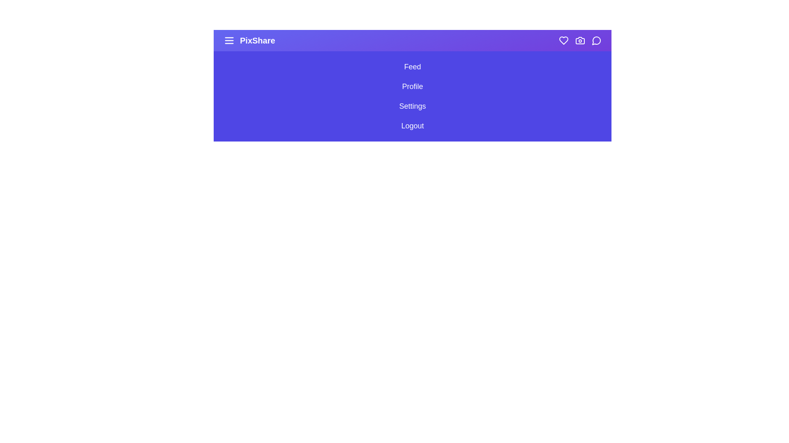 The width and height of the screenshot is (789, 443). What do you see at coordinates (563, 41) in the screenshot?
I see `the Heart icon to indicate a 'Like' action` at bounding box center [563, 41].